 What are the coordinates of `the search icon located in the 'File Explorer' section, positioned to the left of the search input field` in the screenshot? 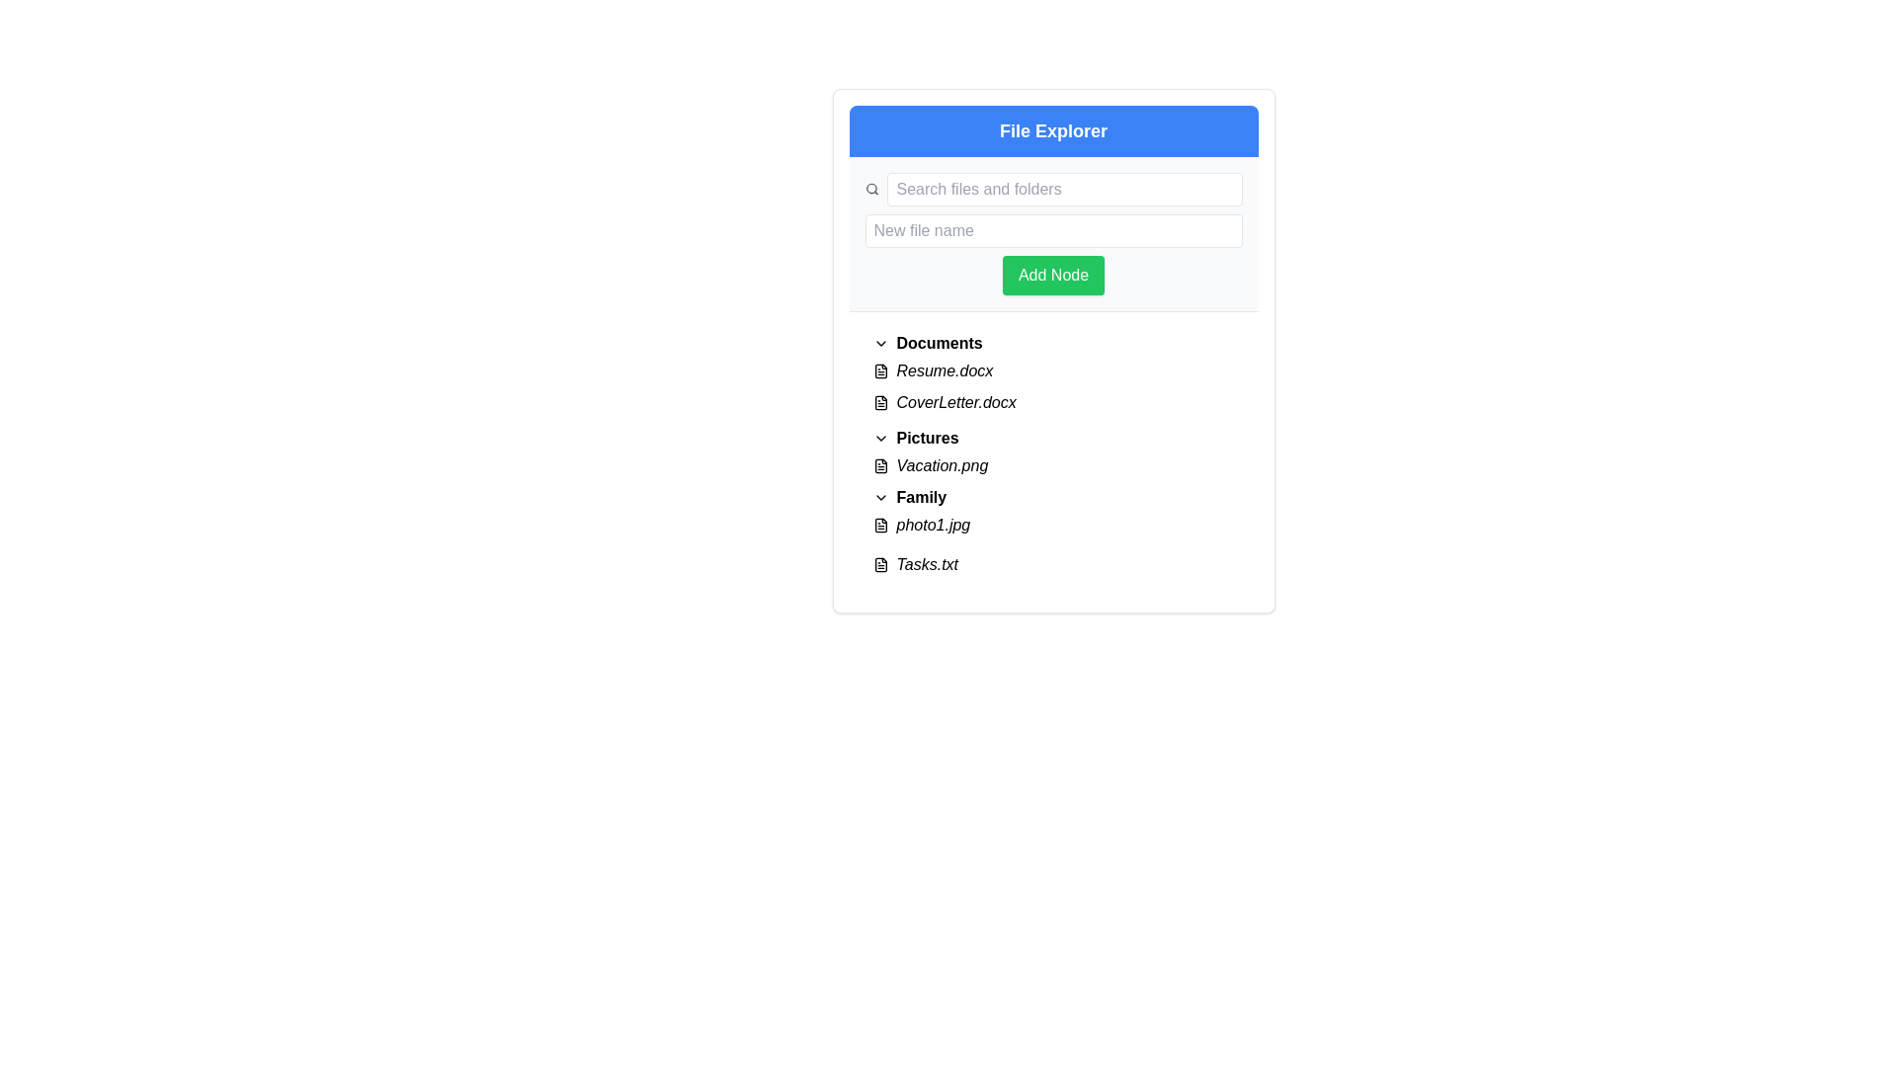 It's located at (871, 190).